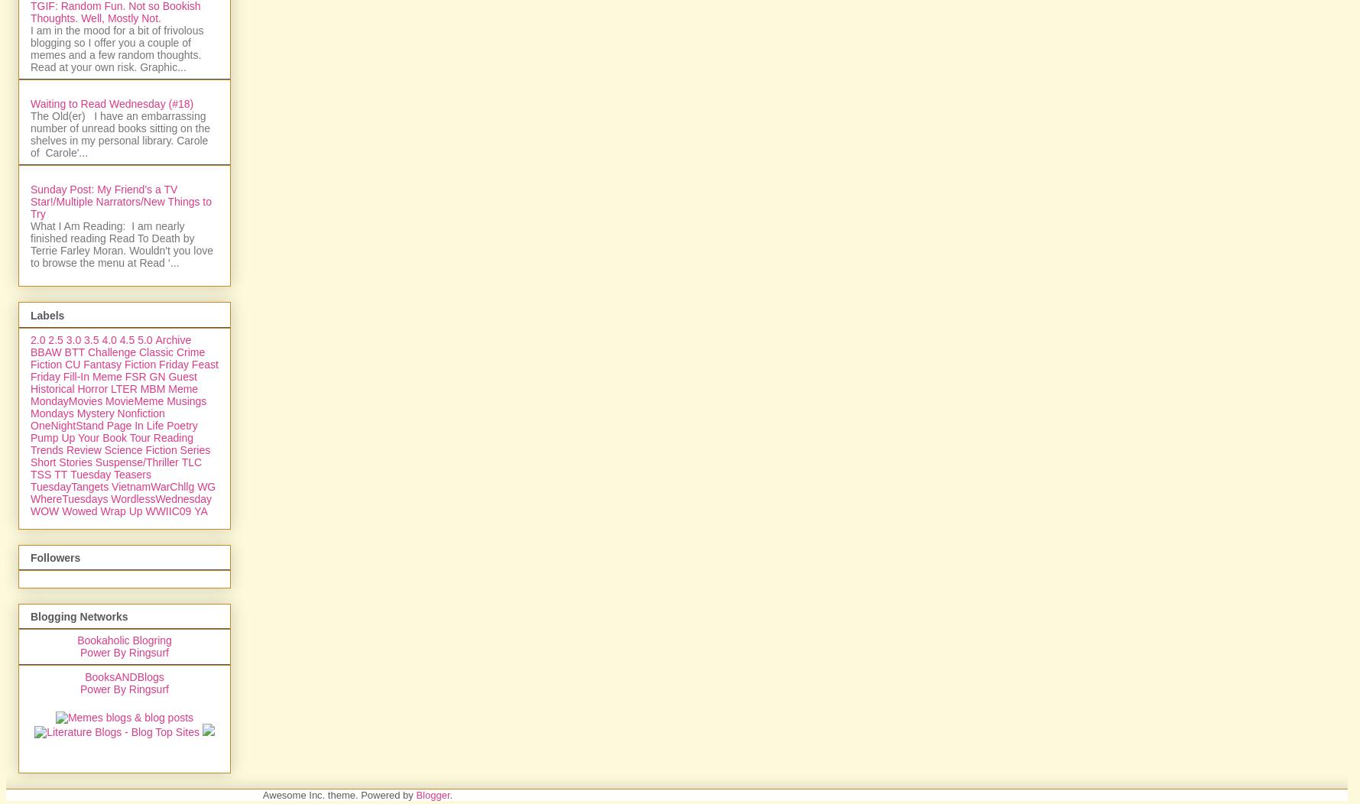 The image size is (1360, 804). I want to click on 'Mystery', so click(94, 578).